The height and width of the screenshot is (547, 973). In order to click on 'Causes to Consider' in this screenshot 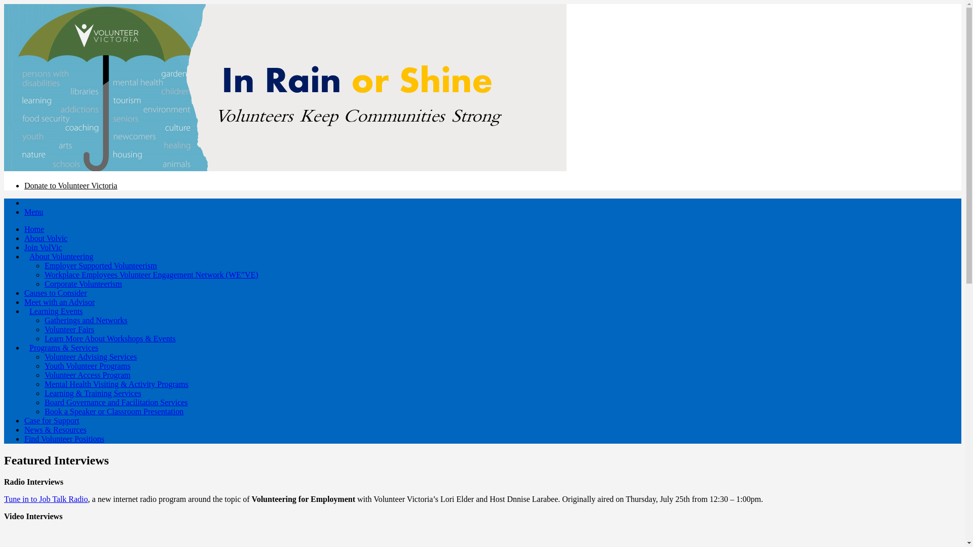, I will do `click(55, 293)`.